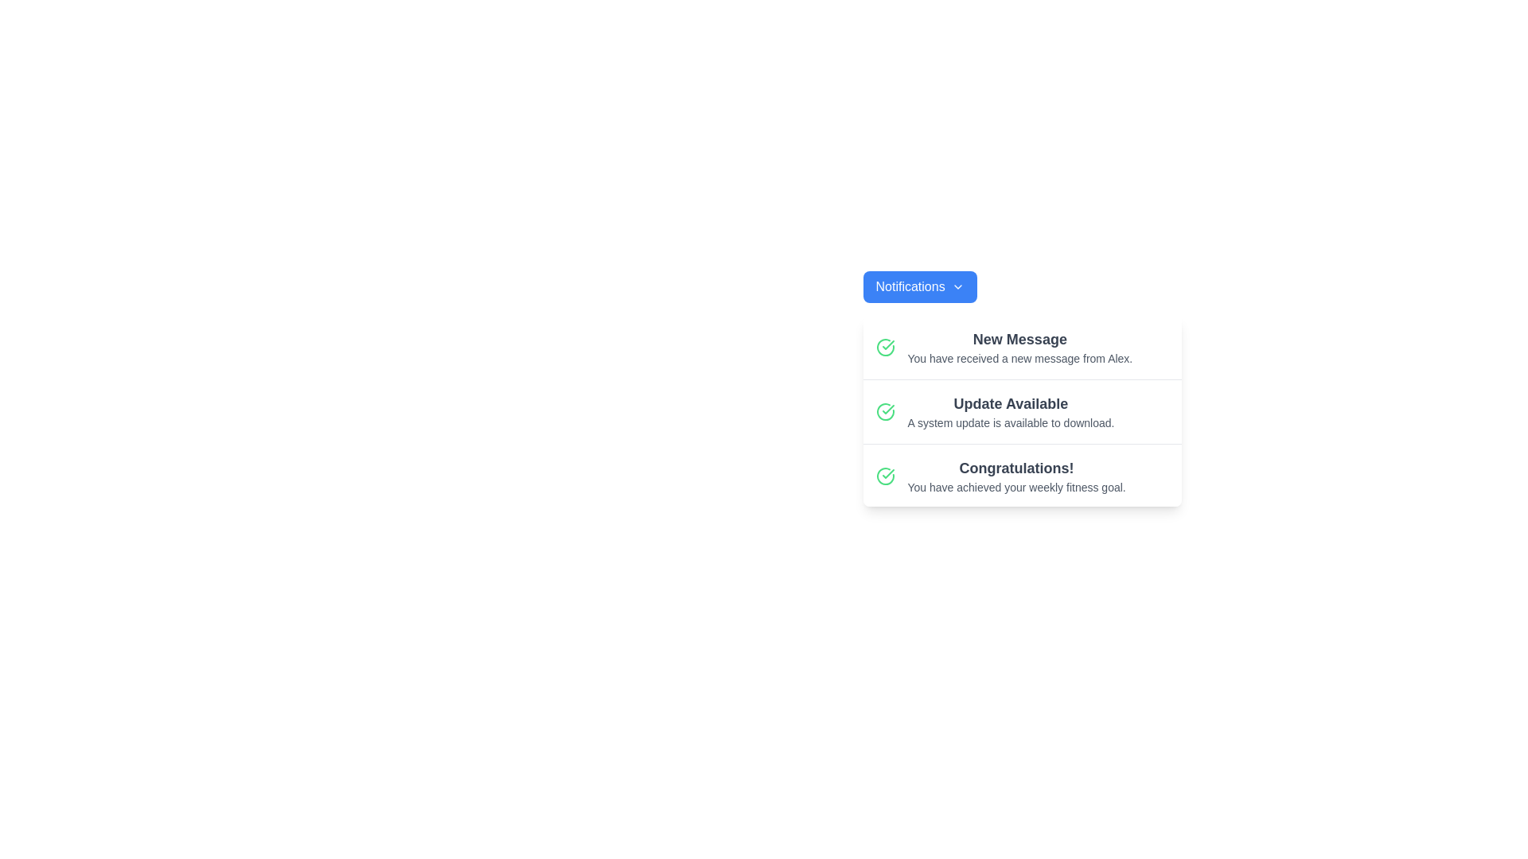 The height and width of the screenshot is (859, 1528). What do you see at coordinates (920, 287) in the screenshot?
I see `the notifications dropdown button` at bounding box center [920, 287].